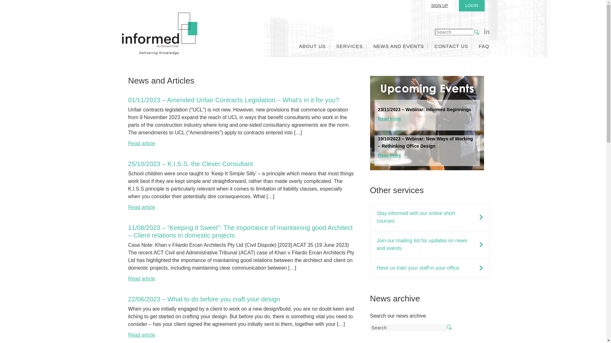 Image resolution: width=611 pixels, height=343 pixels. I want to click on 'Stay informed with our online short courses.', so click(426, 217).